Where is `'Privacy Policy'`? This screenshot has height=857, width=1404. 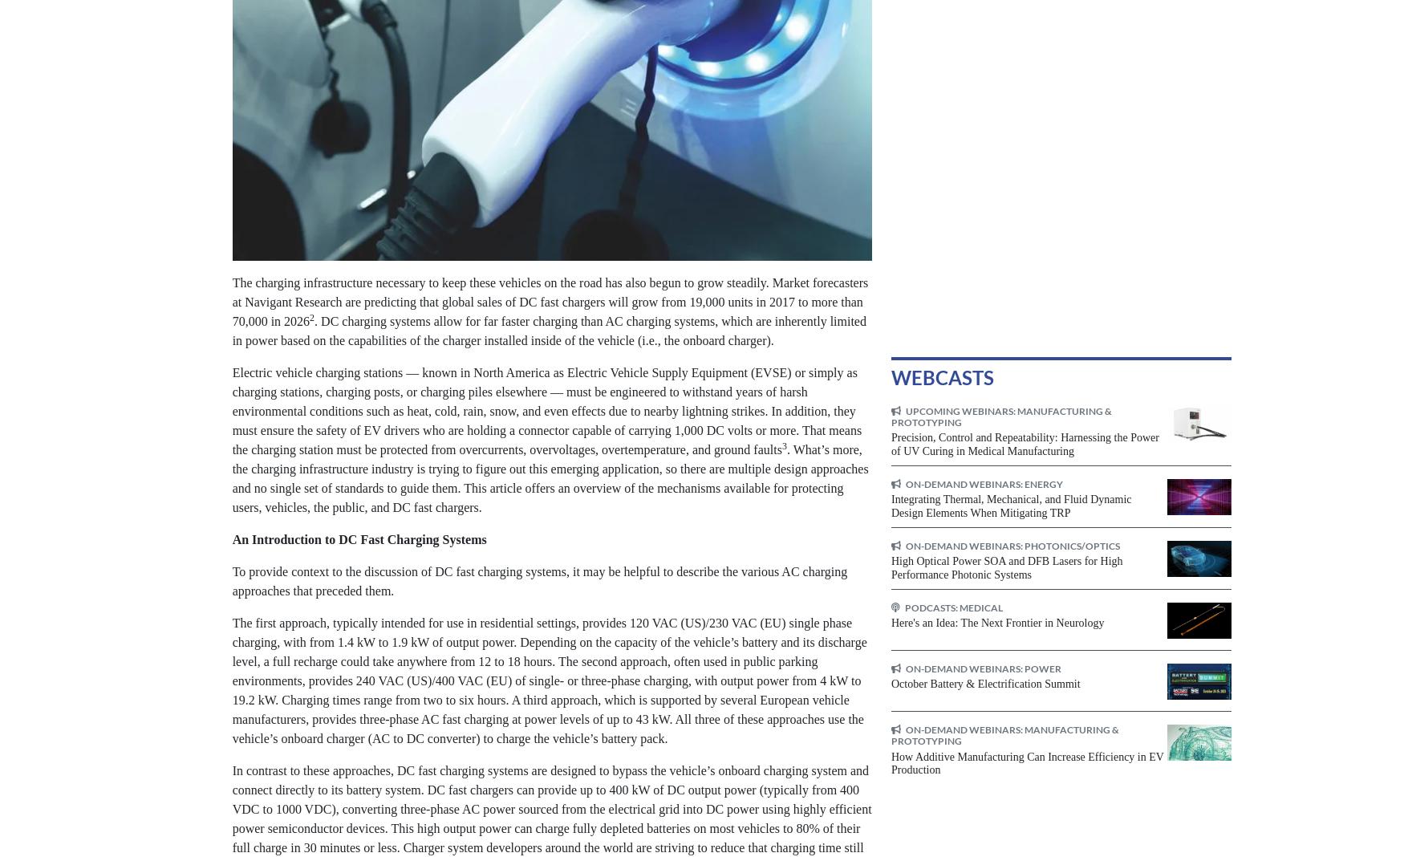 'Privacy Policy' is located at coordinates (839, 680).